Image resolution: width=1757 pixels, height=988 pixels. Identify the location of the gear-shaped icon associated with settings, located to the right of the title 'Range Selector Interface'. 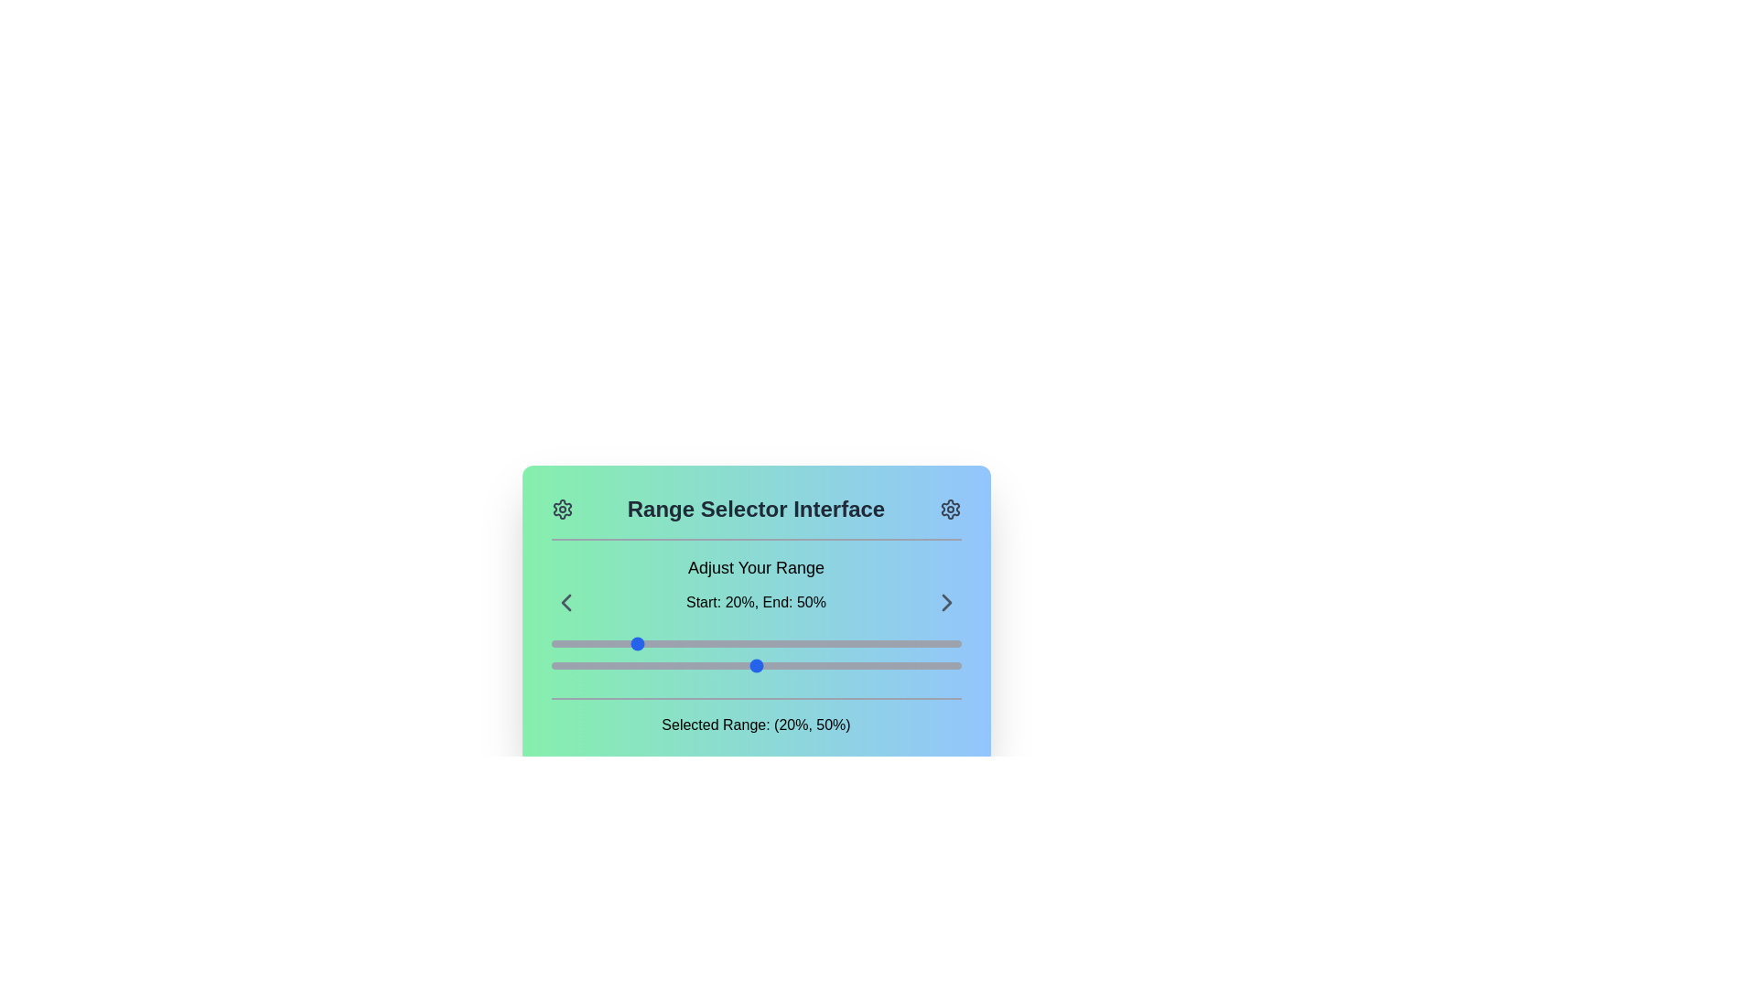
(561, 509).